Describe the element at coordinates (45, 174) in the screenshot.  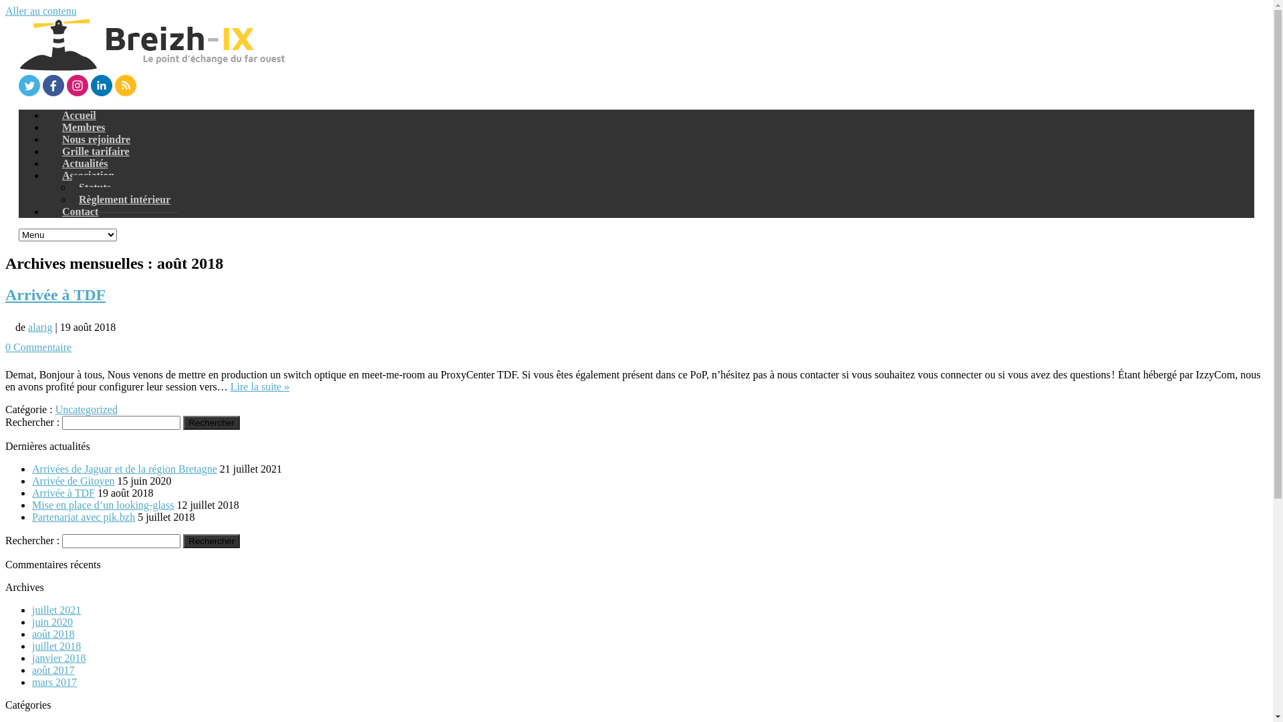
I see `'Association'` at that location.